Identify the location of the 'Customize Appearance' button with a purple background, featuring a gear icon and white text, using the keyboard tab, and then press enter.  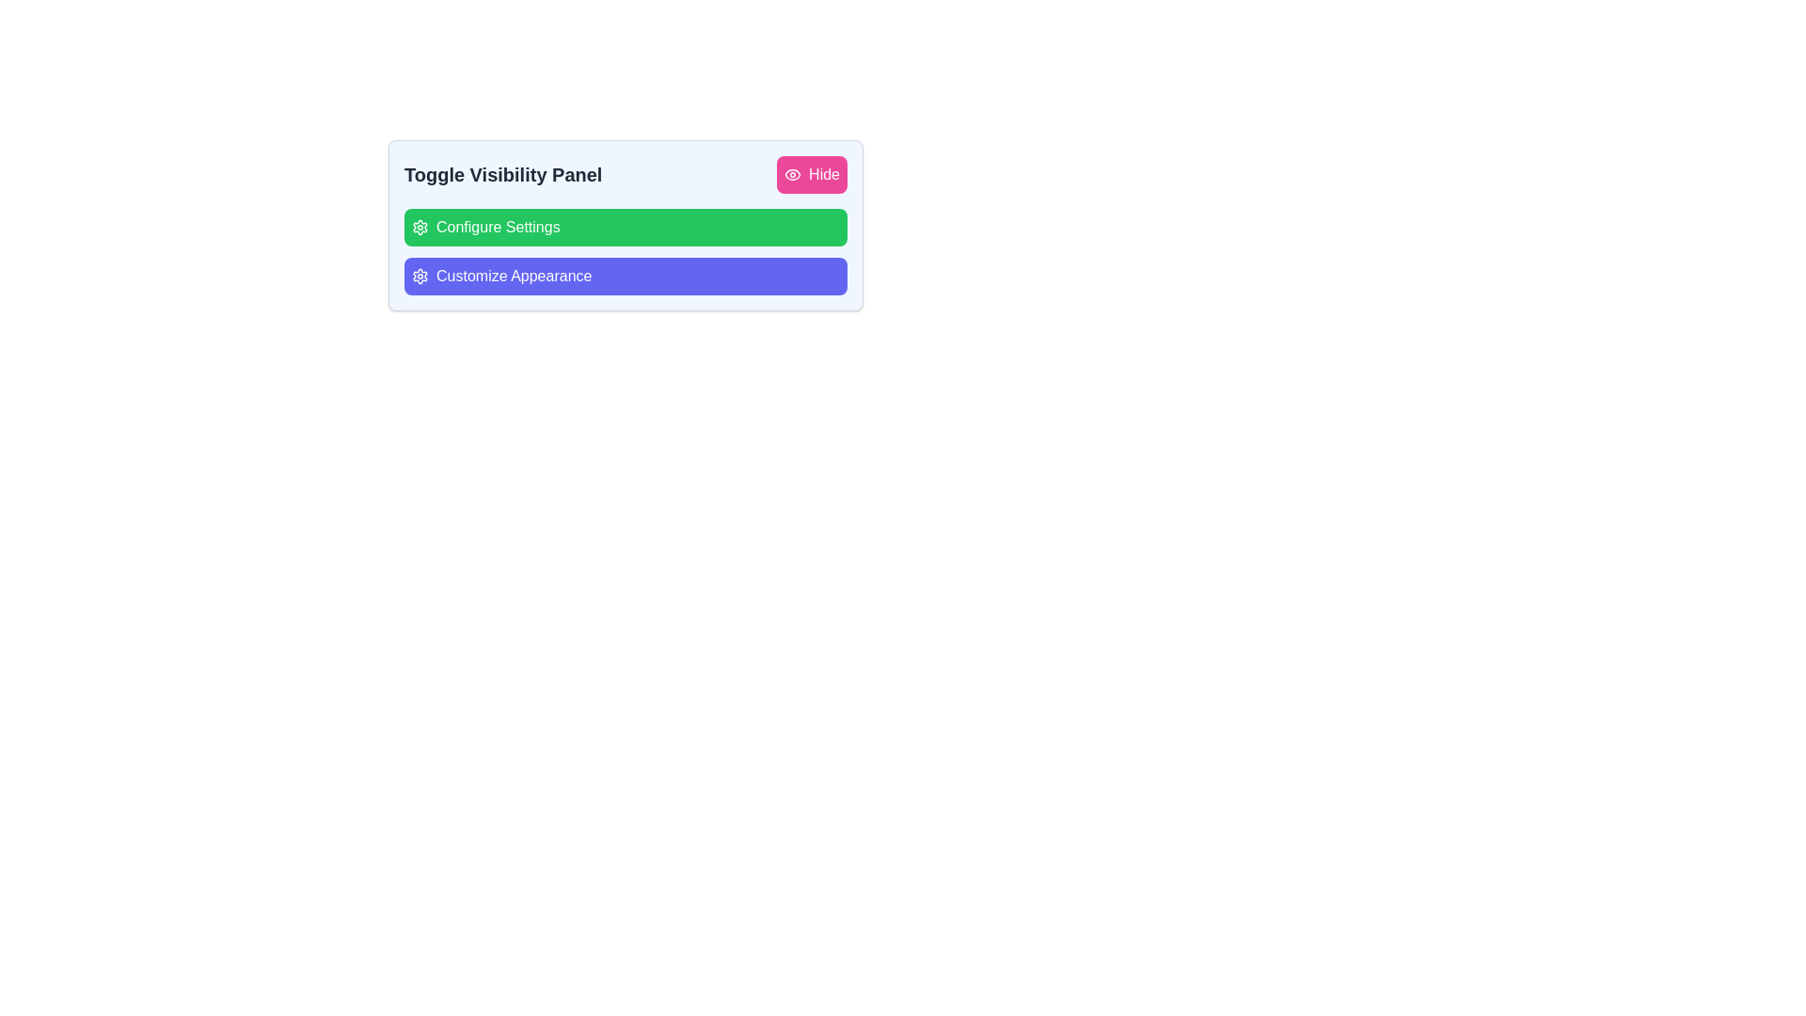
(501, 276).